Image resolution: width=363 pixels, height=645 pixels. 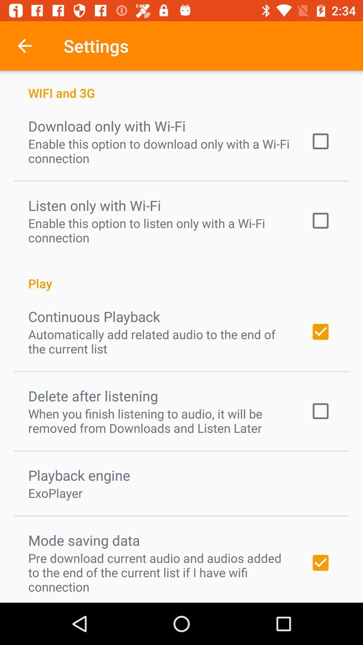 What do you see at coordinates (24, 45) in the screenshot?
I see `the icon above wifi and 3g` at bounding box center [24, 45].